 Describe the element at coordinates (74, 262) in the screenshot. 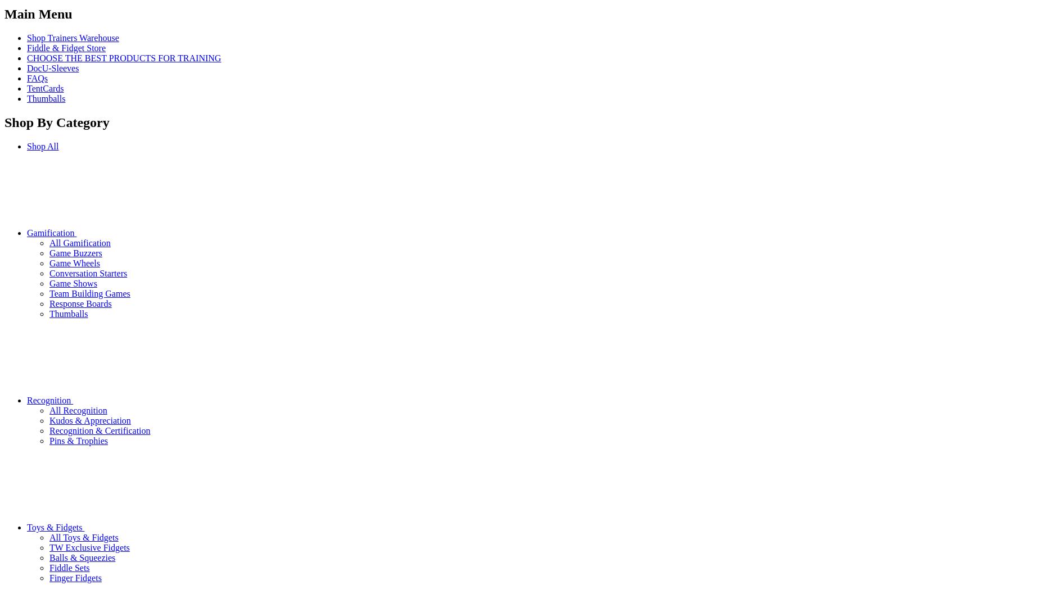

I see `'Game Wheels'` at that location.